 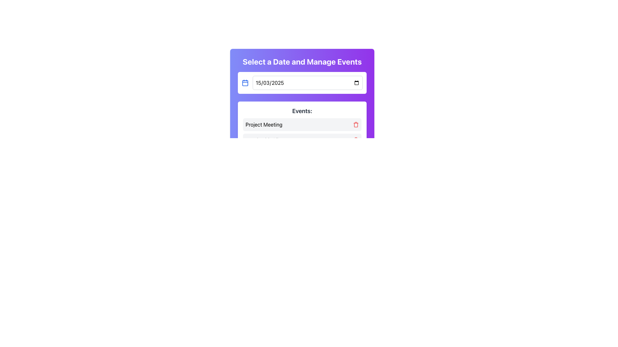 I want to click on the 'Project Meeting' list item, so click(x=302, y=125).